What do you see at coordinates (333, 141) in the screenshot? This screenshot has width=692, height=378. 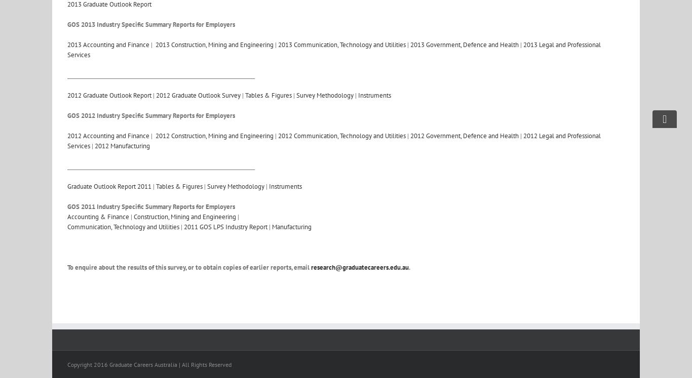 I see `'2012 Legal and Professional Services'` at bounding box center [333, 141].